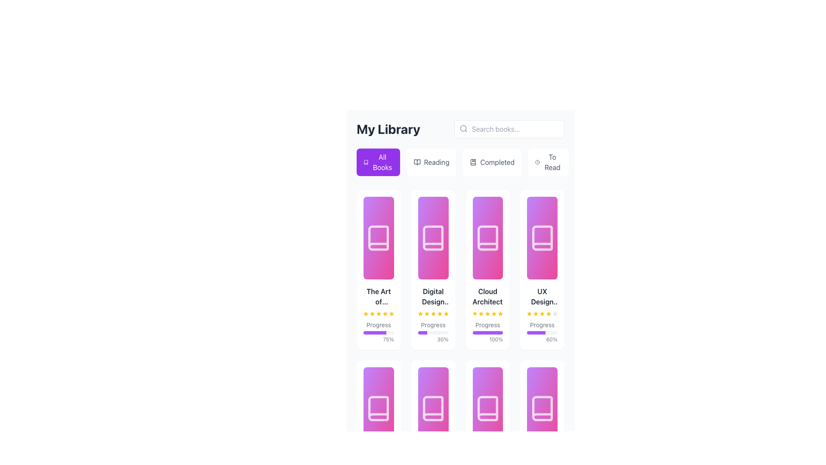  Describe the element at coordinates (391, 313) in the screenshot. I see `the yellow-filled star icon in the five-star rating system under the book title 'The Art of...'` at that location.